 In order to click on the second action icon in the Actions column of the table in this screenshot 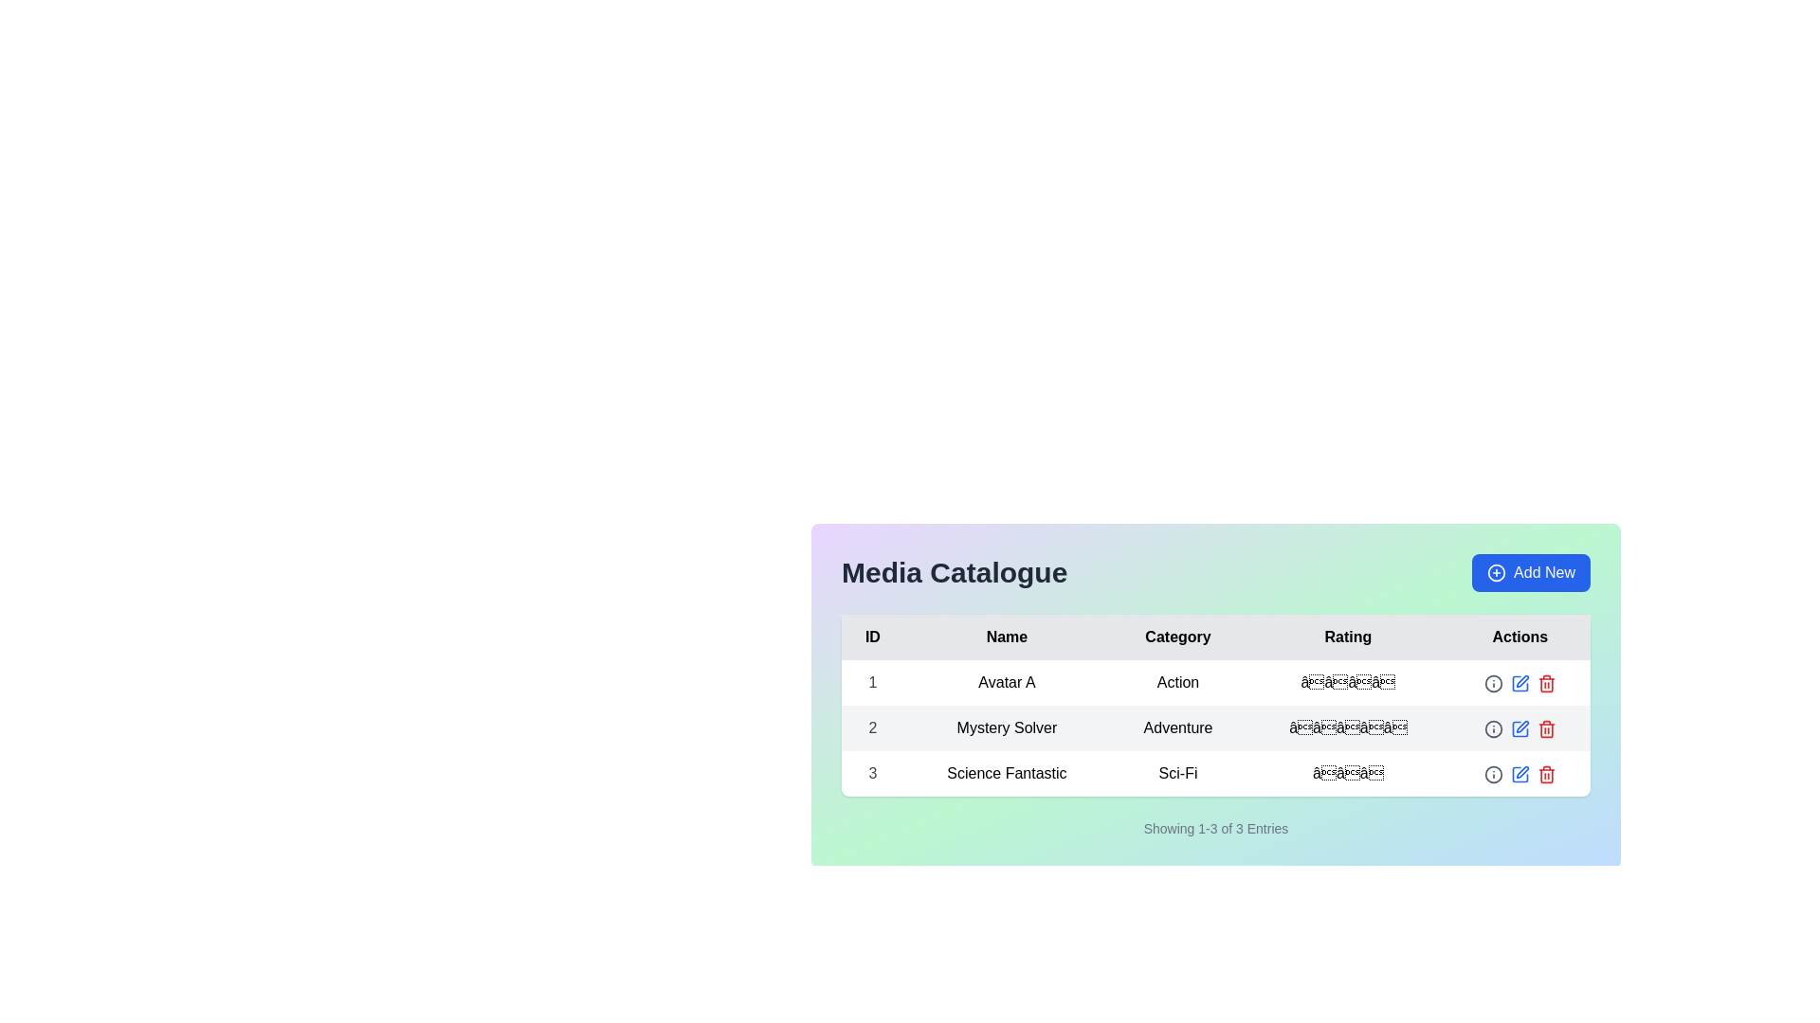, I will do `click(1522, 726)`.